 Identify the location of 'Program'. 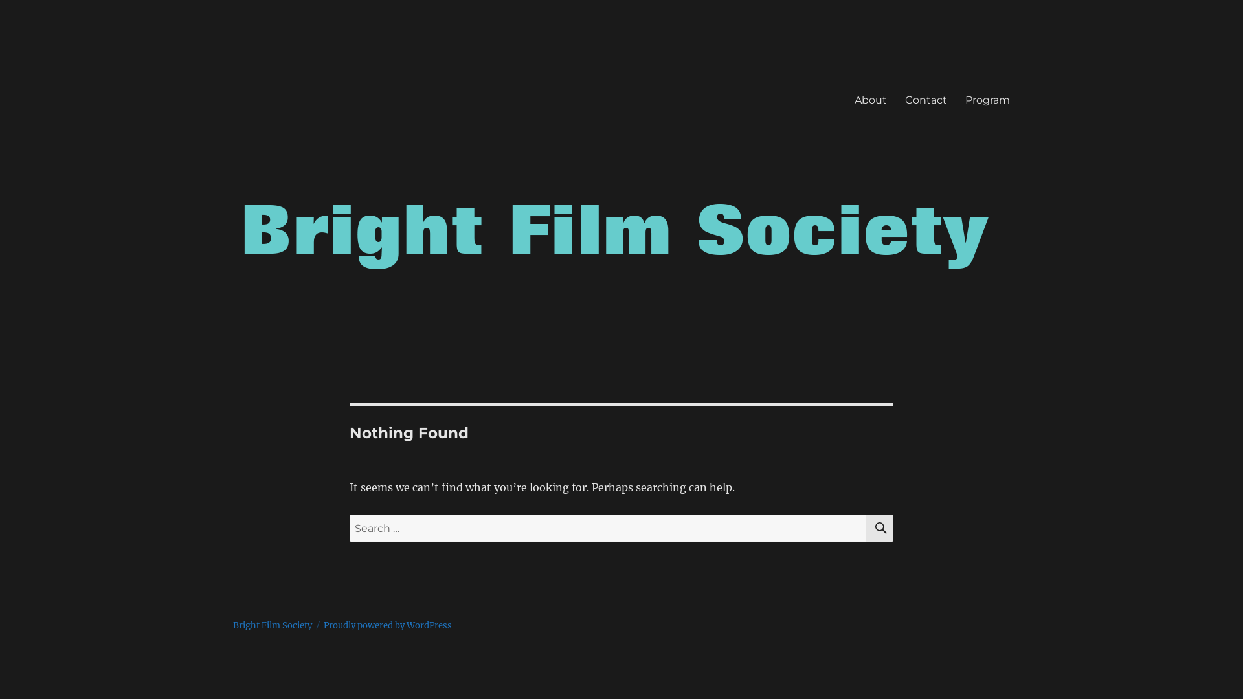
(987, 99).